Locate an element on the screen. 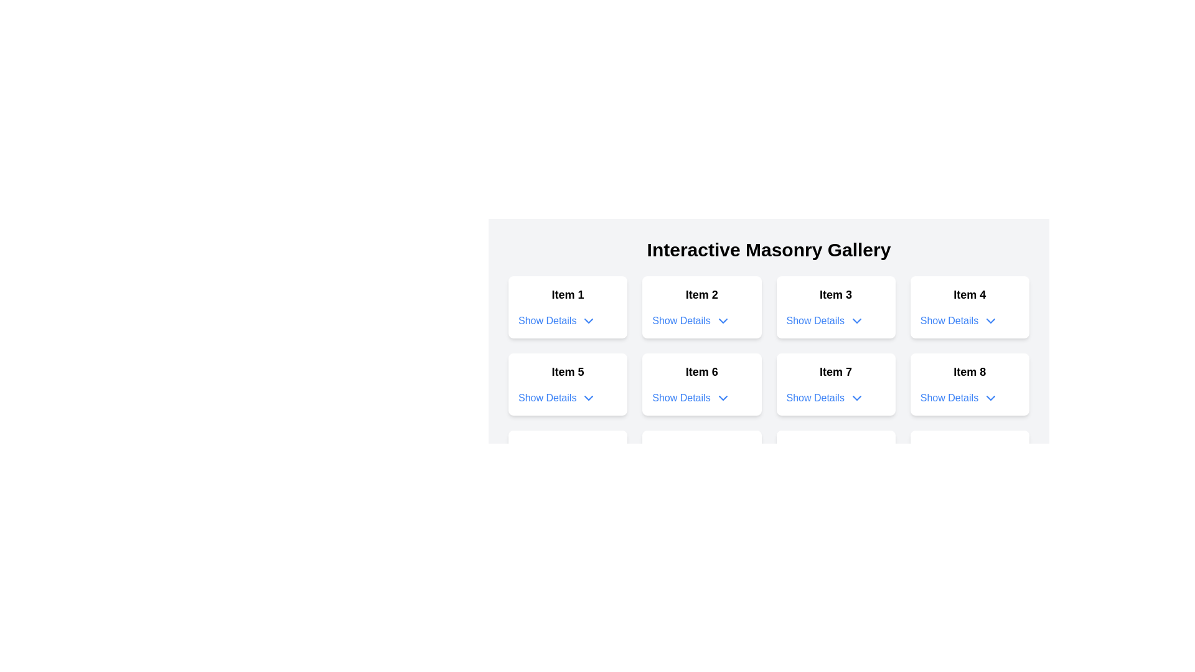  the text label that identifies the fourth item in a grid of selectable options, located at the top-right corner of its row is located at coordinates (969, 295).